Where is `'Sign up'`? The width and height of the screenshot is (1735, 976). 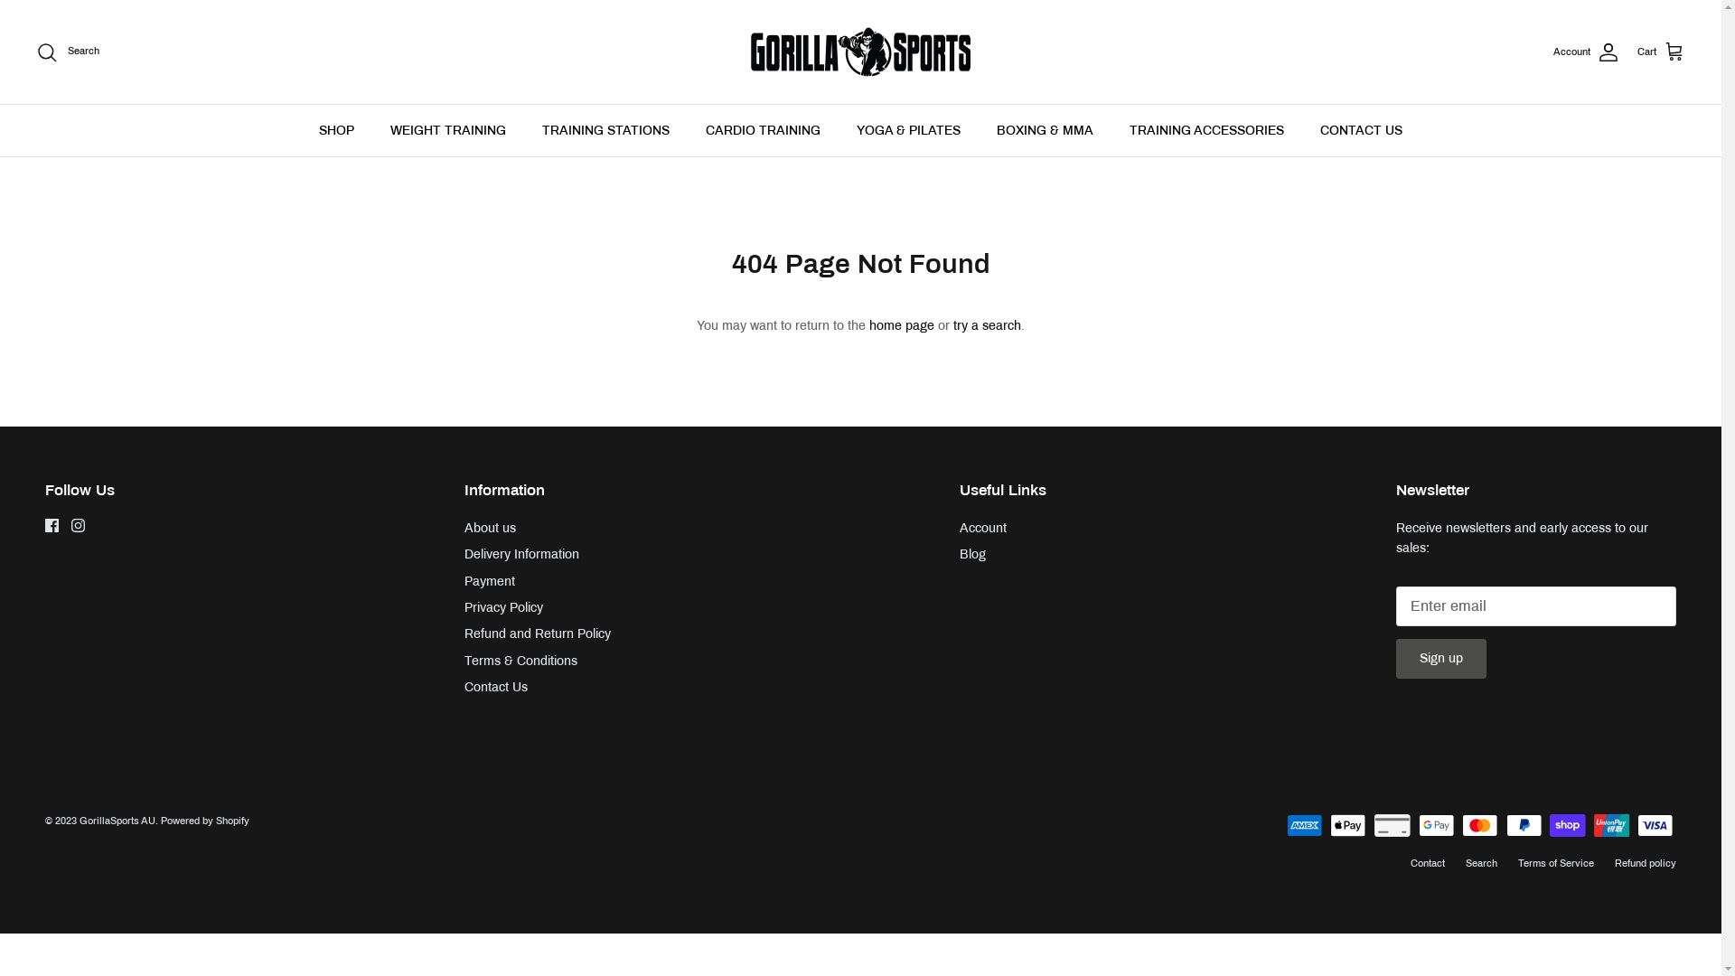 'Sign up' is located at coordinates (1440, 659).